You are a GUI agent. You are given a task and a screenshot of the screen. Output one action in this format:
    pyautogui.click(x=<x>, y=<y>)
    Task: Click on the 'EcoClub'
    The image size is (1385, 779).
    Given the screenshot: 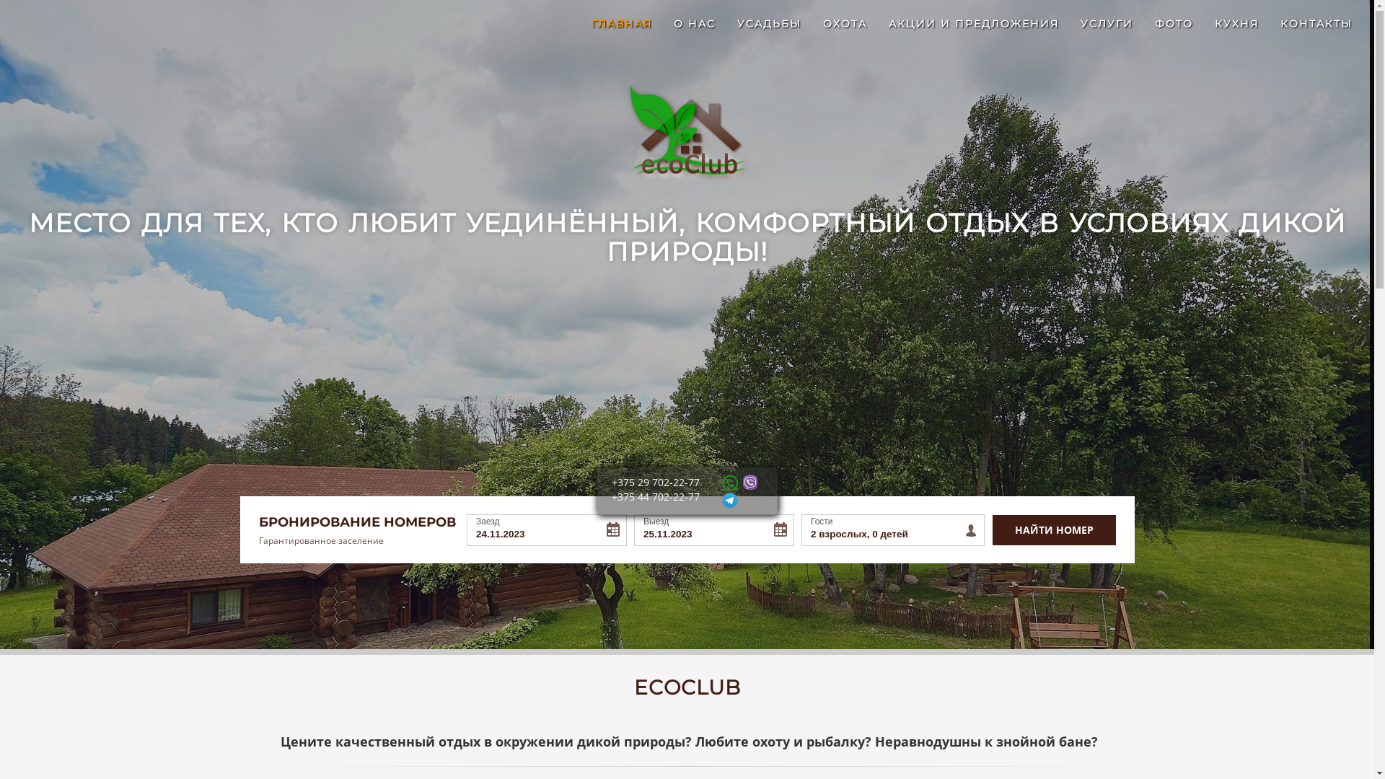 What is the action you would take?
    pyautogui.click(x=685, y=130)
    